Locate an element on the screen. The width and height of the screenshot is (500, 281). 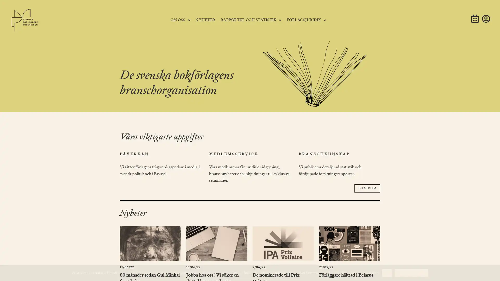
BLI MEDLEM is located at coordinates (367, 188).